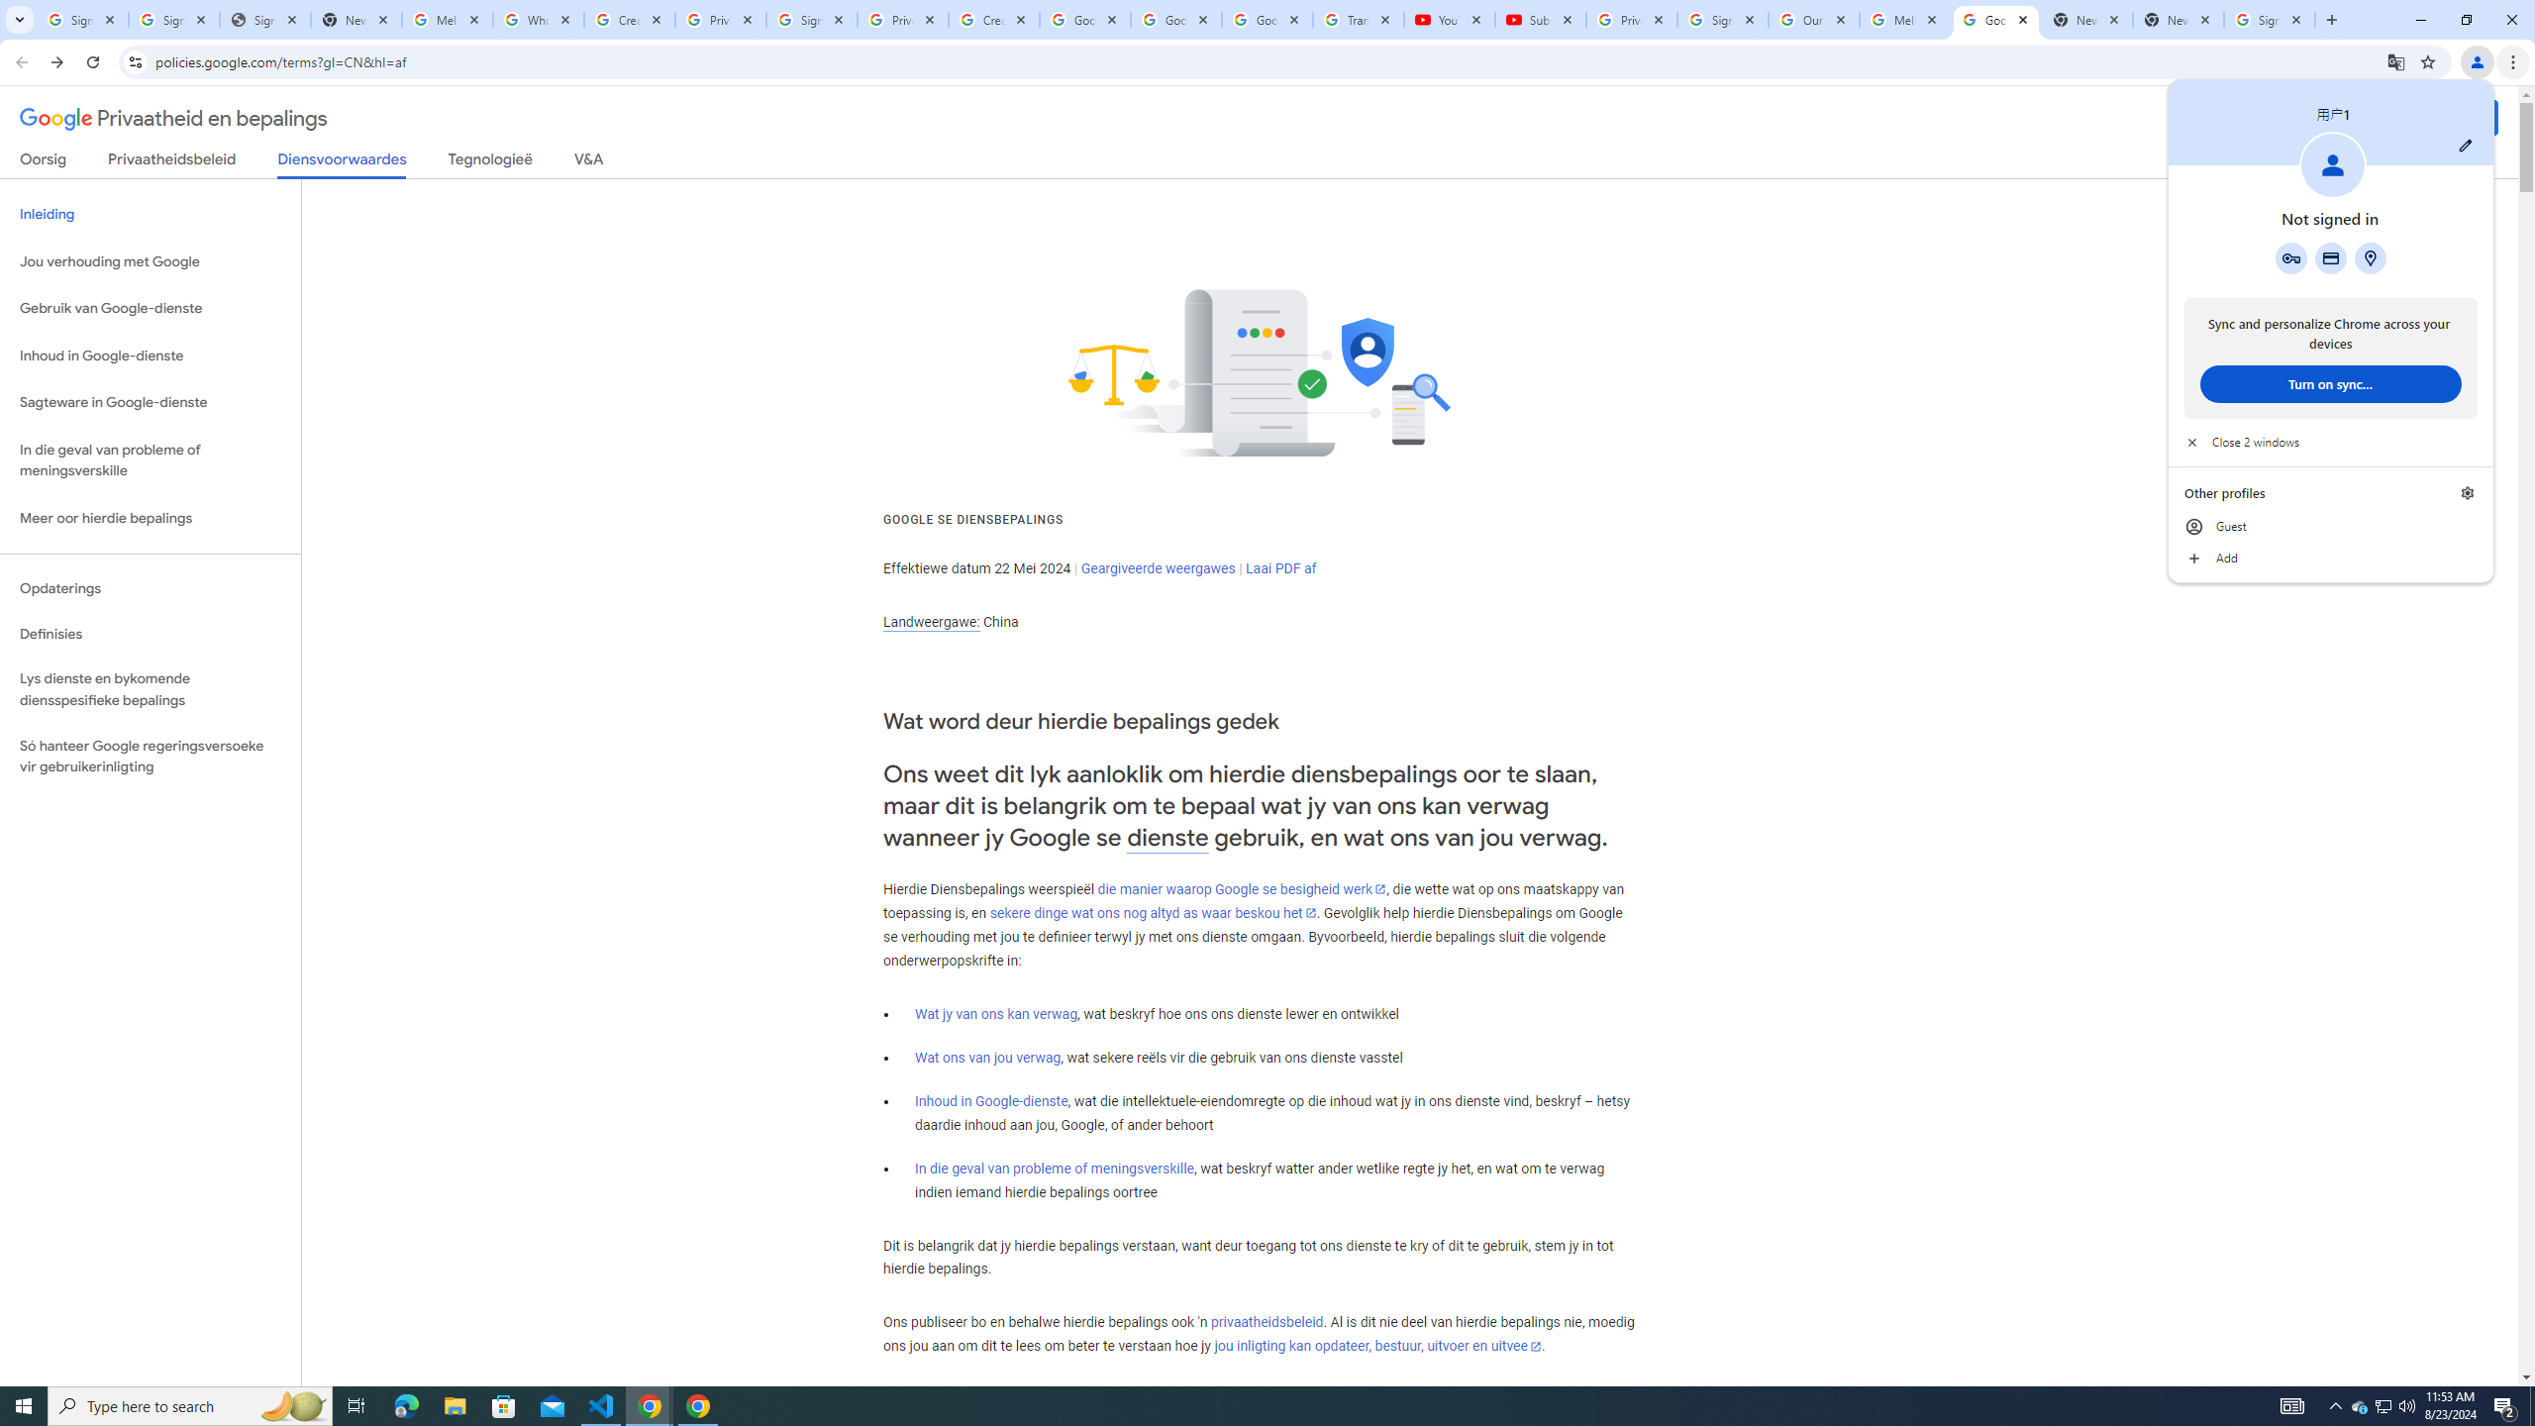 Image resolution: width=2535 pixels, height=1426 pixels. I want to click on 'Start', so click(24, 1404).